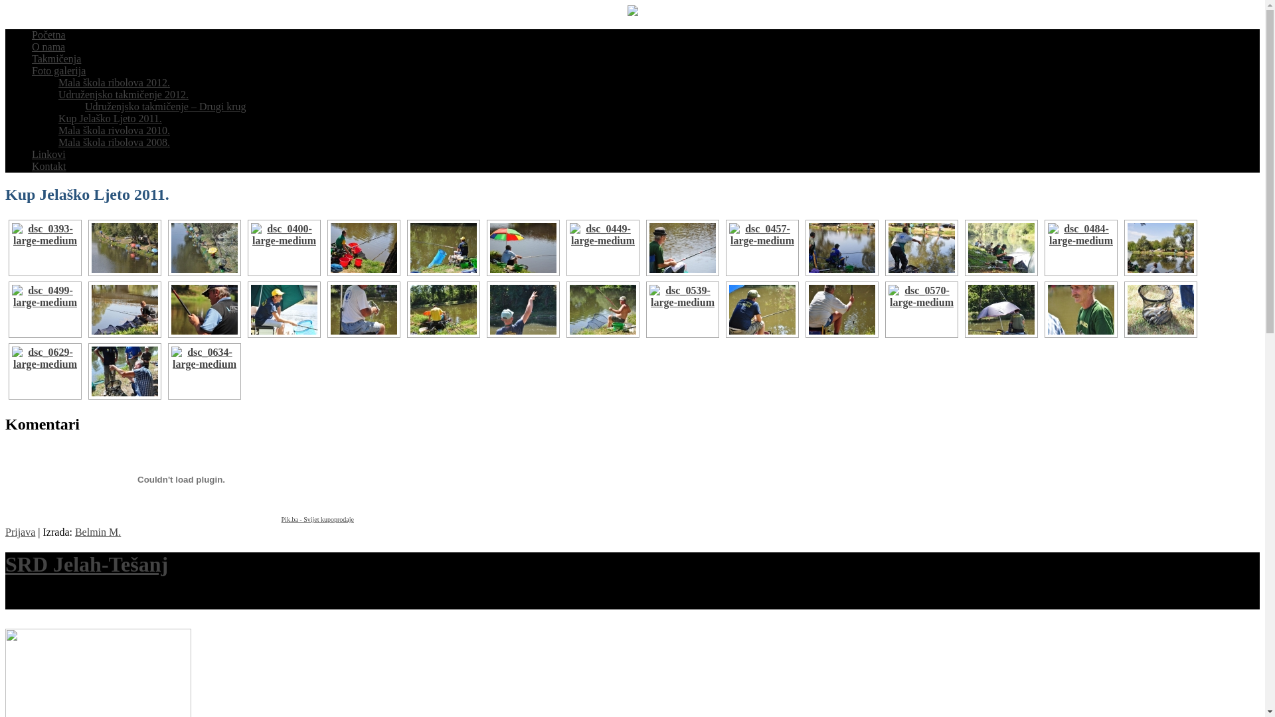 This screenshot has width=1275, height=717. Describe the element at coordinates (48, 165) in the screenshot. I see `'Kontakt'` at that location.